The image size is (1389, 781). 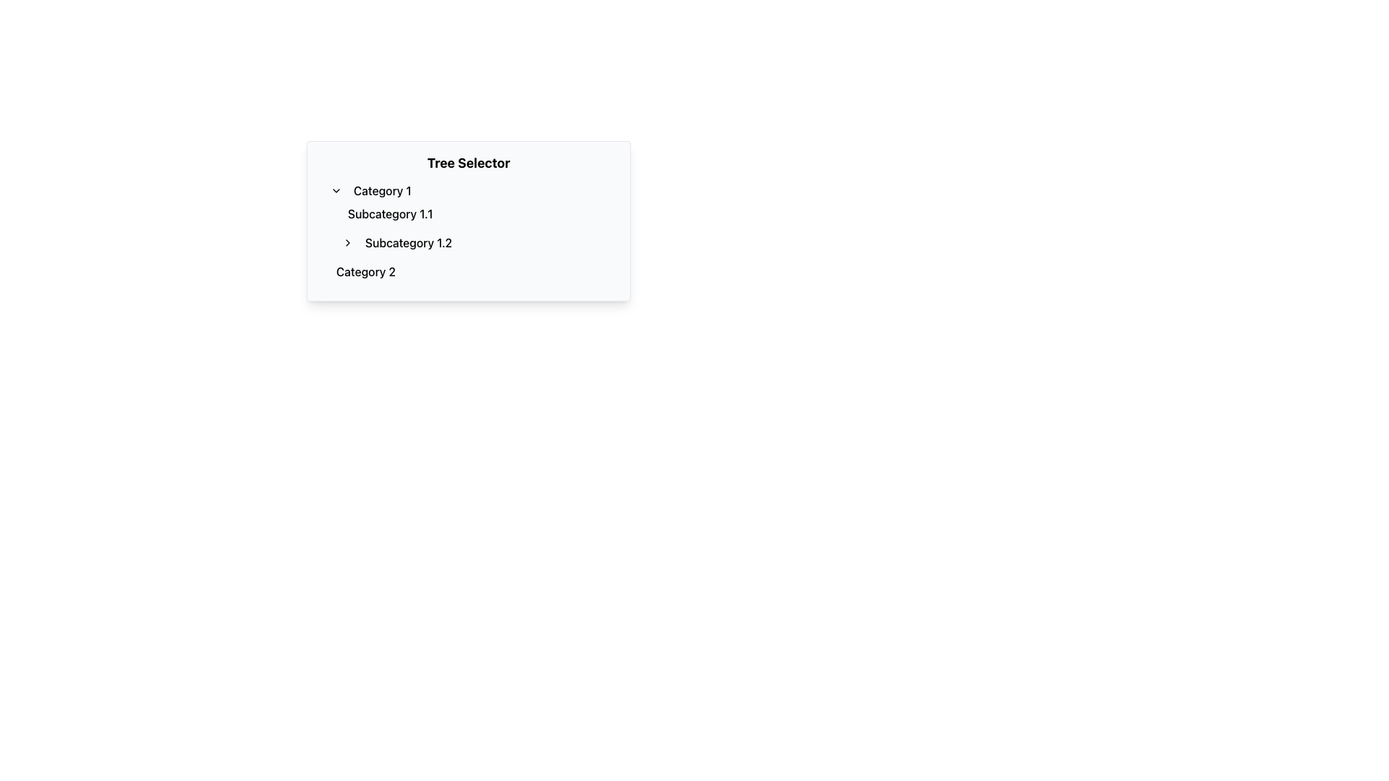 I want to click on the second Tree item located under 'Category 1', following 'Subcategory 1.1', so click(x=480, y=242).